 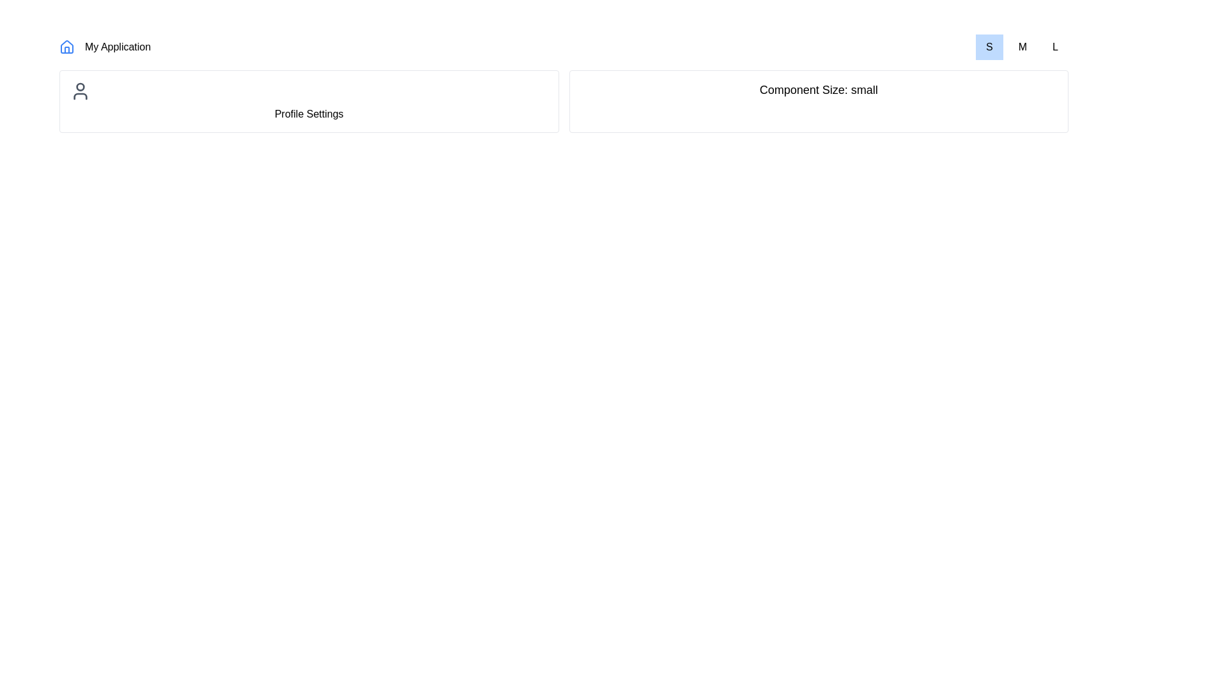 What do you see at coordinates (105, 46) in the screenshot?
I see `the Header element that consists of a blue house icon and the text 'My Application'` at bounding box center [105, 46].